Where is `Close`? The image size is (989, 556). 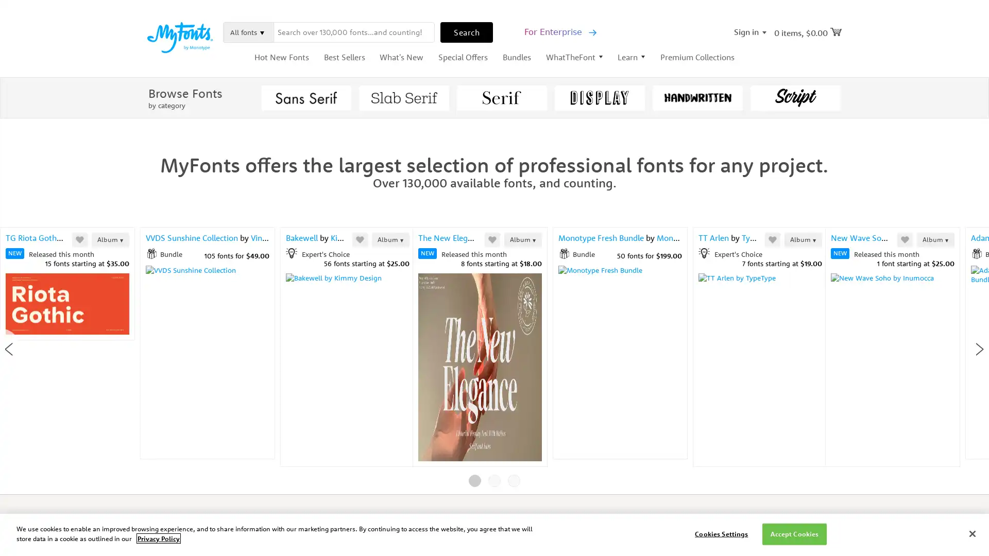
Close is located at coordinates (971, 533).